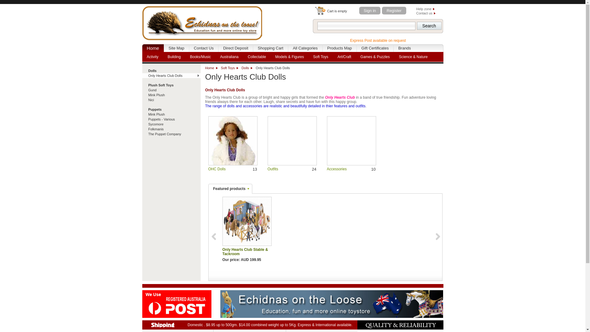 The width and height of the screenshot is (590, 332). What do you see at coordinates (413, 57) in the screenshot?
I see `'Science & Nature'` at bounding box center [413, 57].